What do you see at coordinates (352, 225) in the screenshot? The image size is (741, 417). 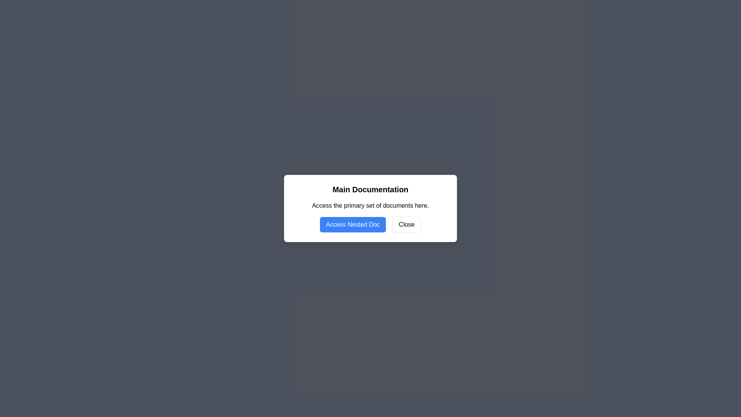 I see `the button located in the 'Main Documentation' dialog box, positioned at the lower center to the left of the 'Close' button` at bounding box center [352, 225].